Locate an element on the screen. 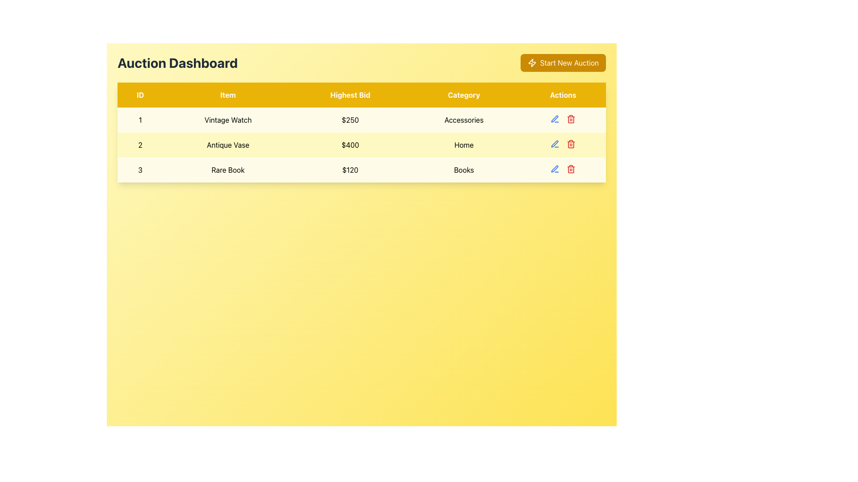  the non-interactive text label indicating the item's category located in the third row of the table under the 'Category' column is located at coordinates (464, 170).